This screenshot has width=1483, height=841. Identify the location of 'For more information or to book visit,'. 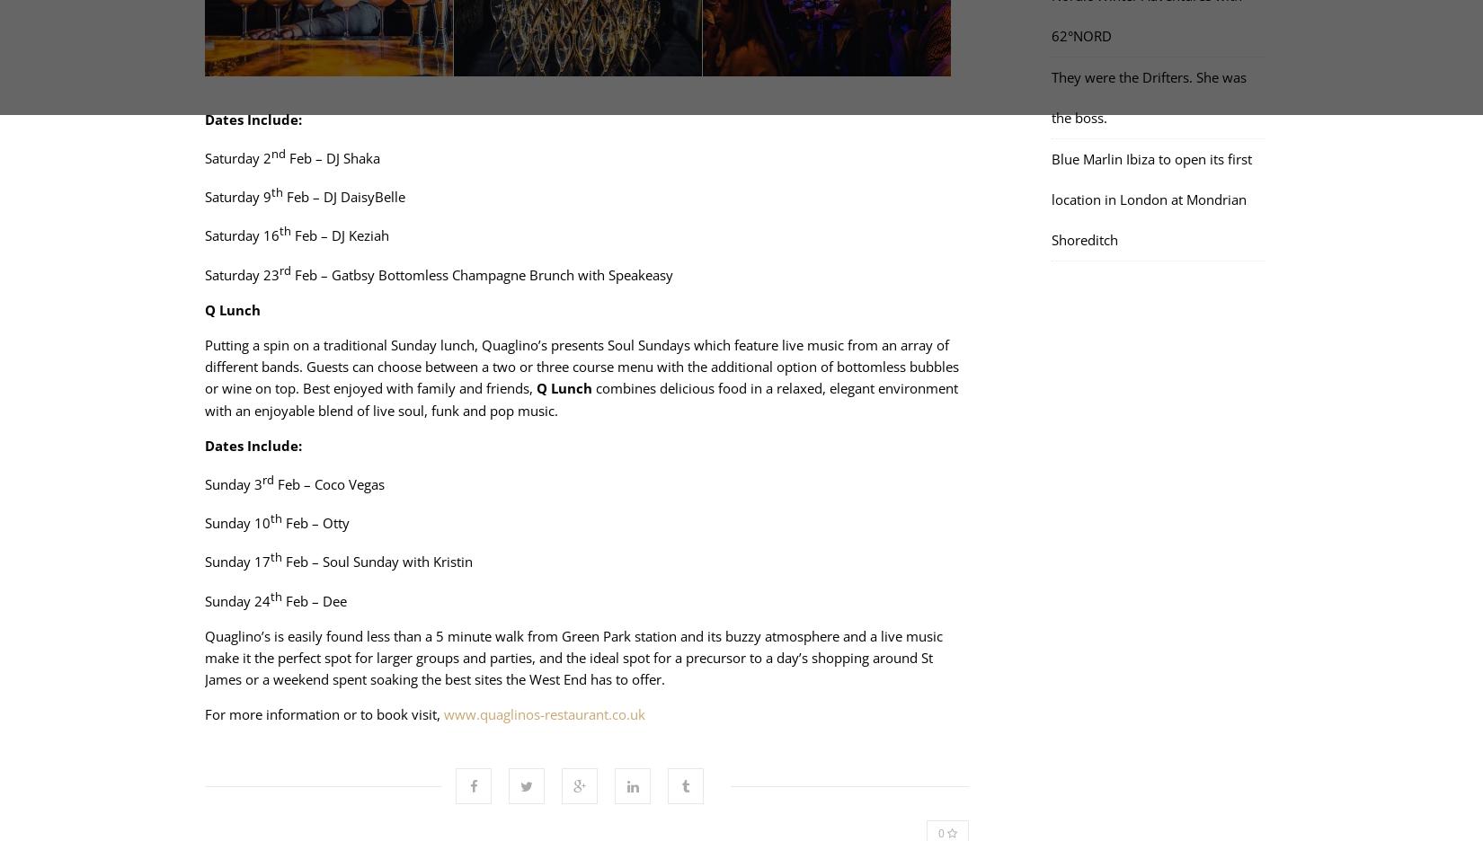
(324, 713).